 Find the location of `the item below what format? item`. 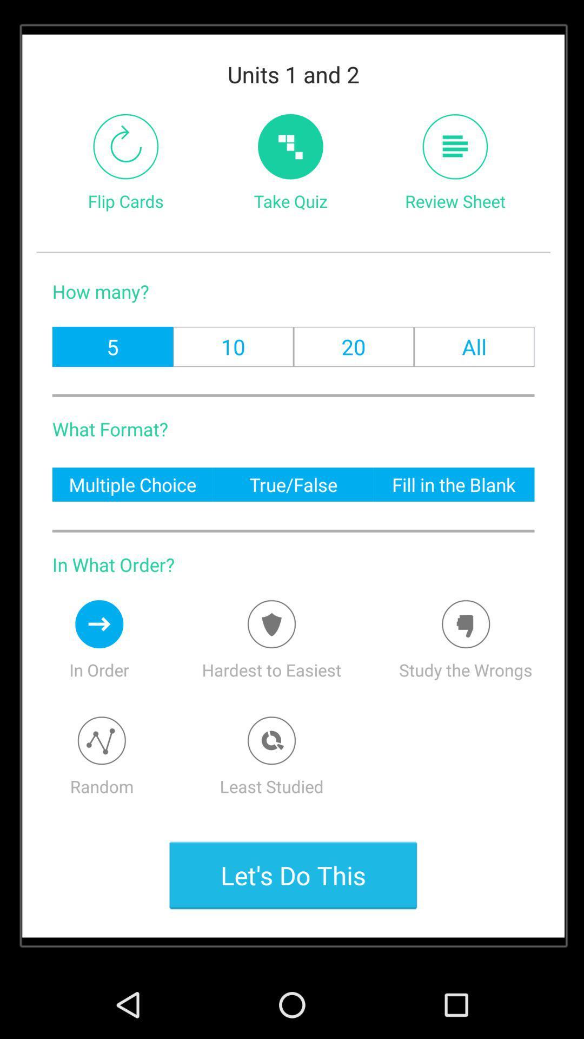

the item below what format? item is located at coordinates (132, 484).